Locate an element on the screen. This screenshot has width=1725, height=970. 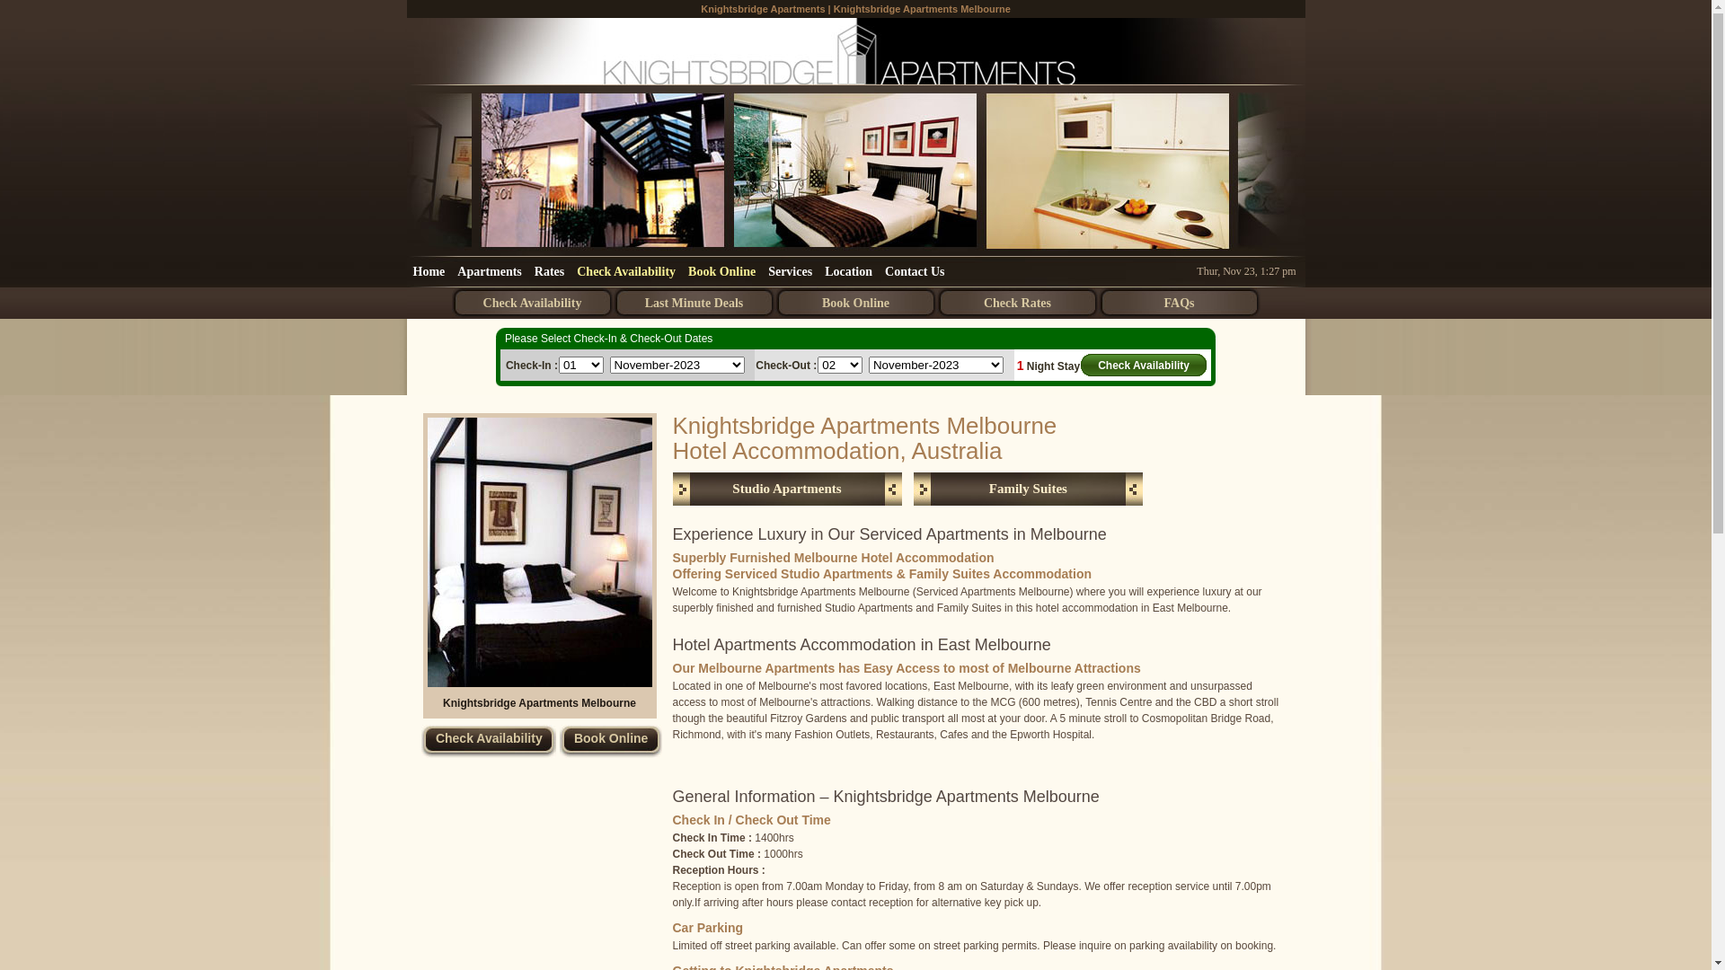
'Knightsbridge Apartments' is located at coordinates (763, 9).